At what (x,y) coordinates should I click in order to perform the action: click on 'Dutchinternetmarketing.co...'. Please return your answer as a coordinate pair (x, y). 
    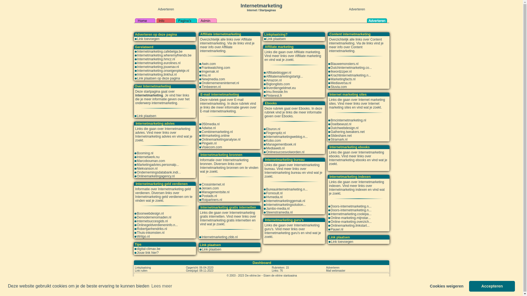
    Looking at the image, I should click on (351, 67).